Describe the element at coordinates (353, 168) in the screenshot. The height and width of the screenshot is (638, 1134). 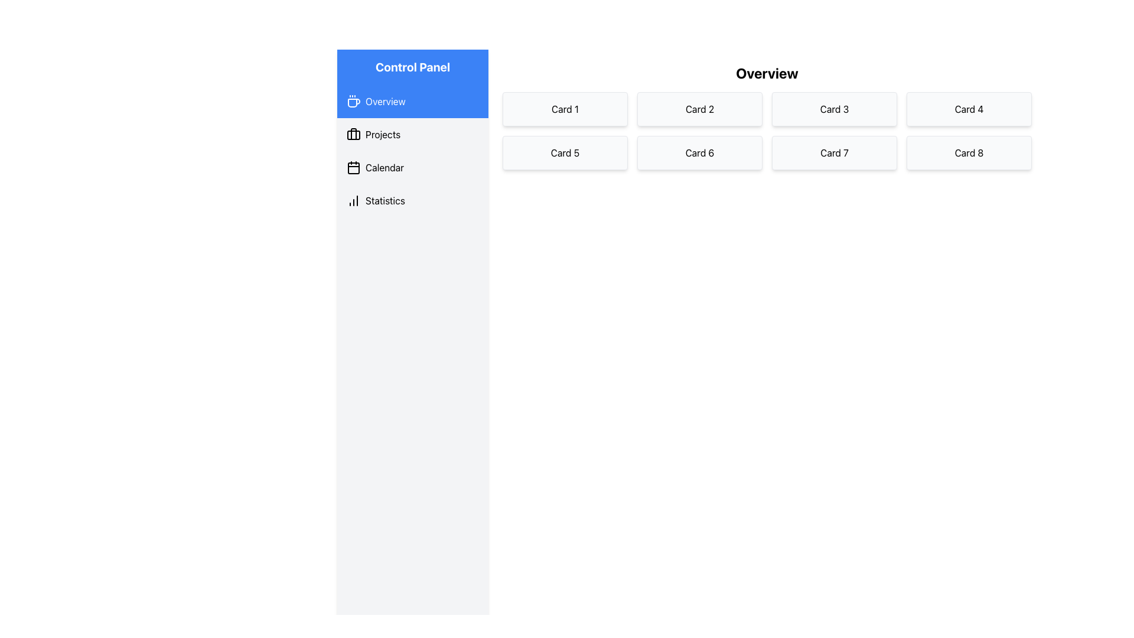
I see `the calendar icon located in the vertical navigation menu, which is the third item in the list` at that location.